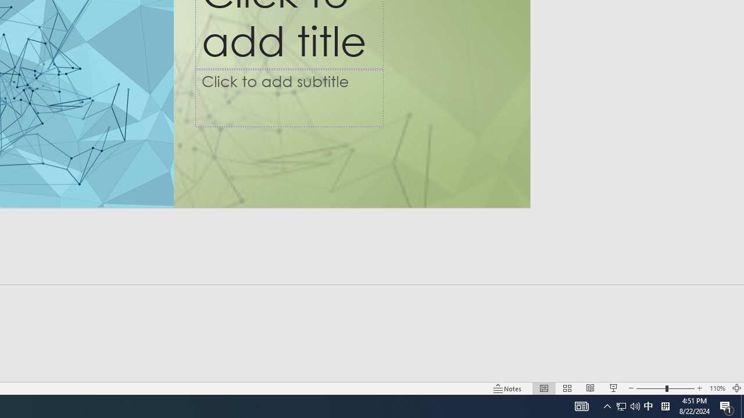 Image resolution: width=744 pixels, height=418 pixels. What do you see at coordinates (717, 388) in the screenshot?
I see `'Zoom 110%'` at bounding box center [717, 388].